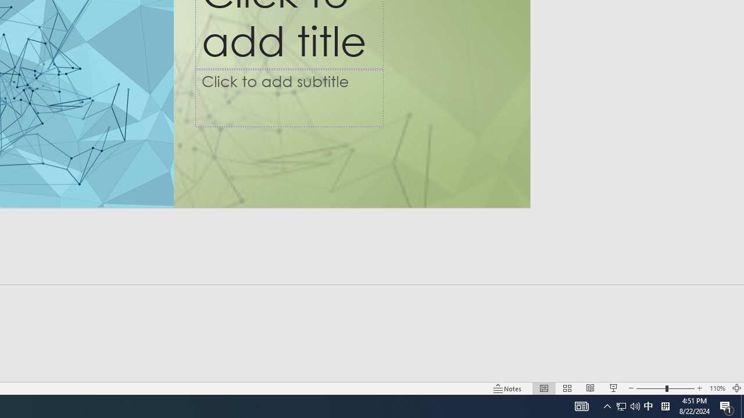 Image resolution: width=744 pixels, height=418 pixels. What do you see at coordinates (717, 388) in the screenshot?
I see `'Zoom 110%'` at bounding box center [717, 388].